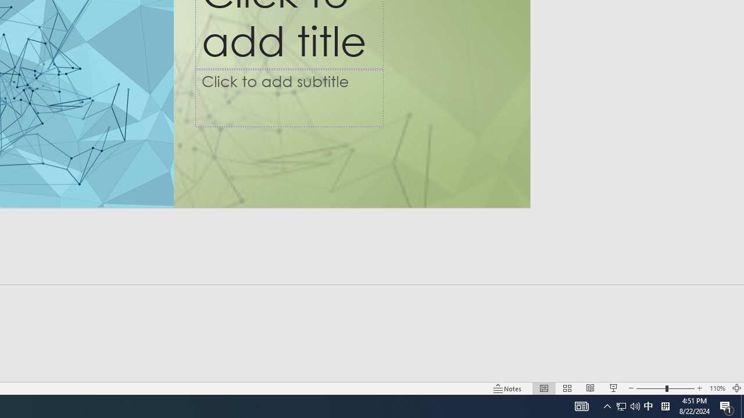 Image resolution: width=744 pixels, height=418 pixels. What do you see at coordinates (717, 388) in the screenshot?
I see `'Zoom 110%'` at bounding box center [717, 388].